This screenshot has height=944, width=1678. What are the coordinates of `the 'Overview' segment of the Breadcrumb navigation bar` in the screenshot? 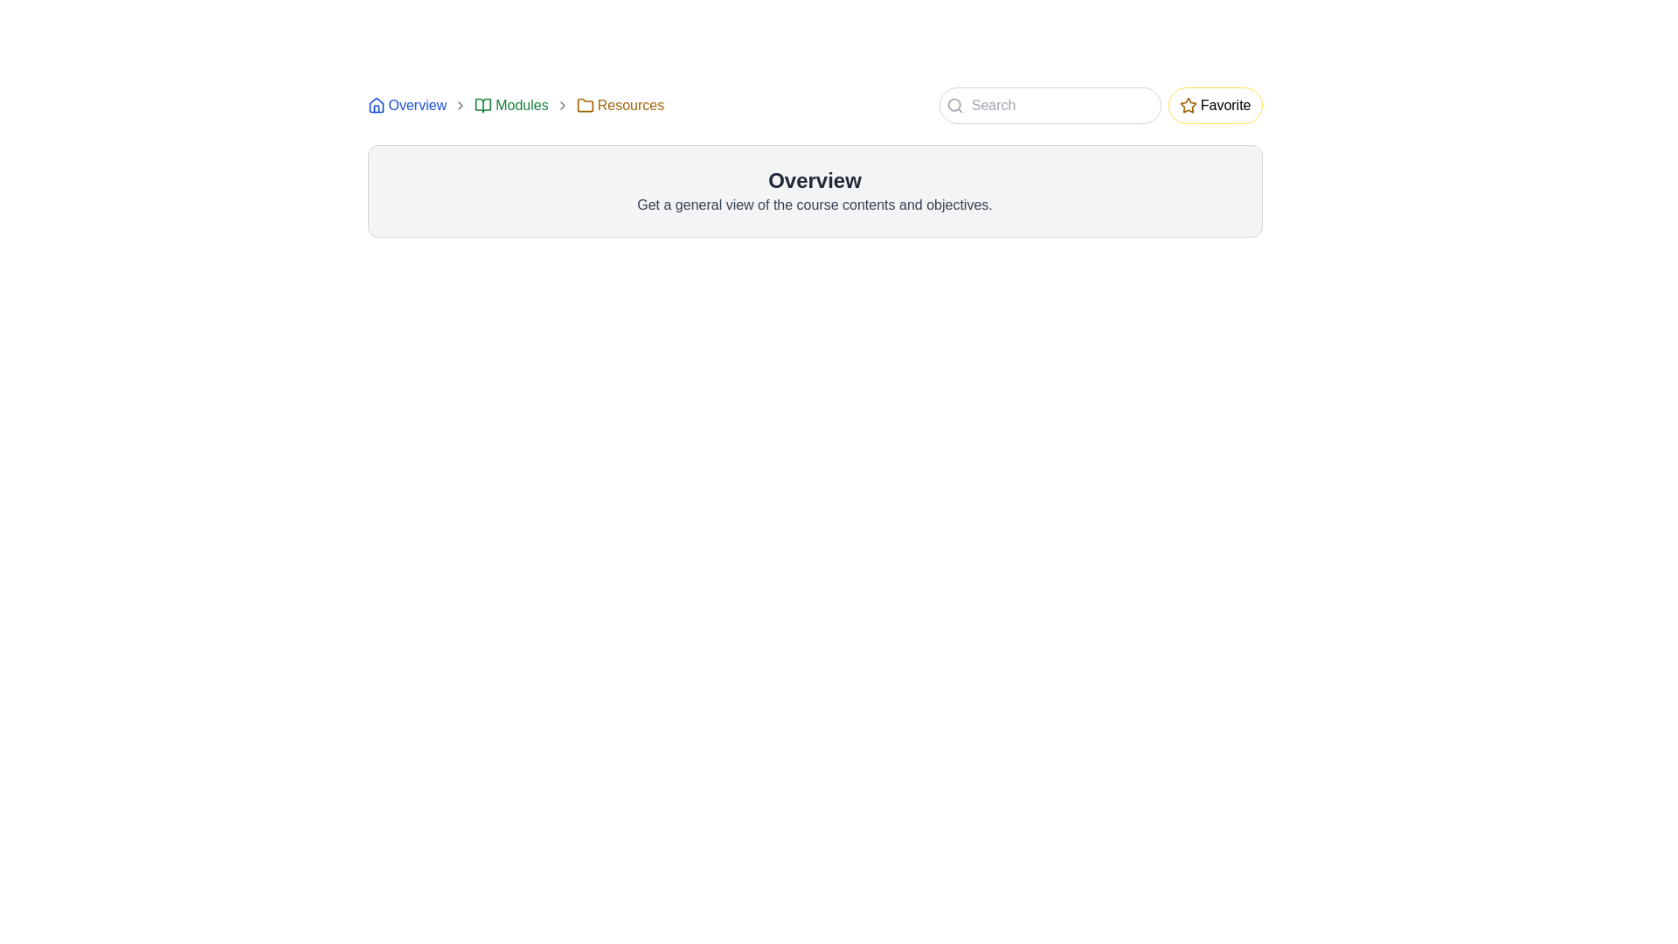 It's located at (515, 105).